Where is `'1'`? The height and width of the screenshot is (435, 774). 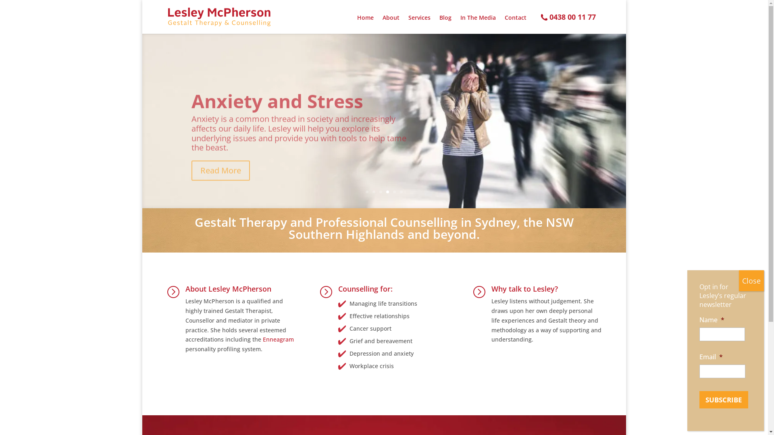
'1' is located at coordinates (366, 192).